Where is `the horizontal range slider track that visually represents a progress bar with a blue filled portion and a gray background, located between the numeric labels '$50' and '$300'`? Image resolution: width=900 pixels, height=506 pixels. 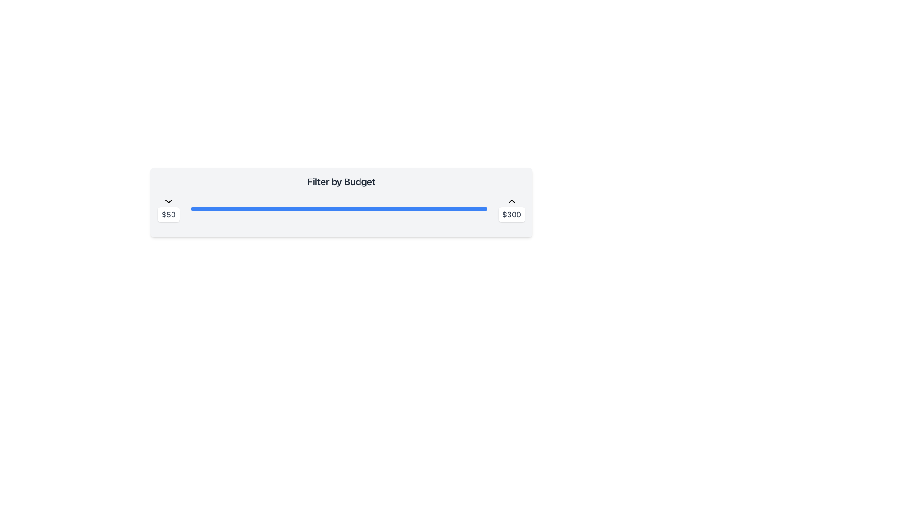
the horizontal range slider track that visually represents a progress bar with a blue filled portion and a gray background, located between the numeric labels '$50' and '$300' is located at coordinates (338, 208).